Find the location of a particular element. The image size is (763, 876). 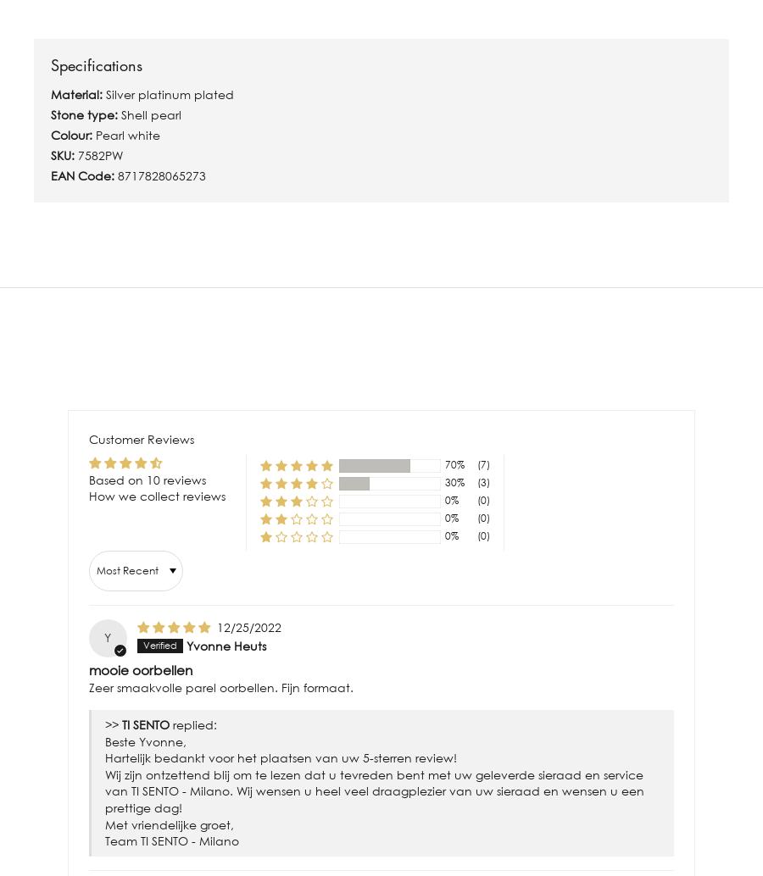

'Colour:' is located at coordinates (72, 134).